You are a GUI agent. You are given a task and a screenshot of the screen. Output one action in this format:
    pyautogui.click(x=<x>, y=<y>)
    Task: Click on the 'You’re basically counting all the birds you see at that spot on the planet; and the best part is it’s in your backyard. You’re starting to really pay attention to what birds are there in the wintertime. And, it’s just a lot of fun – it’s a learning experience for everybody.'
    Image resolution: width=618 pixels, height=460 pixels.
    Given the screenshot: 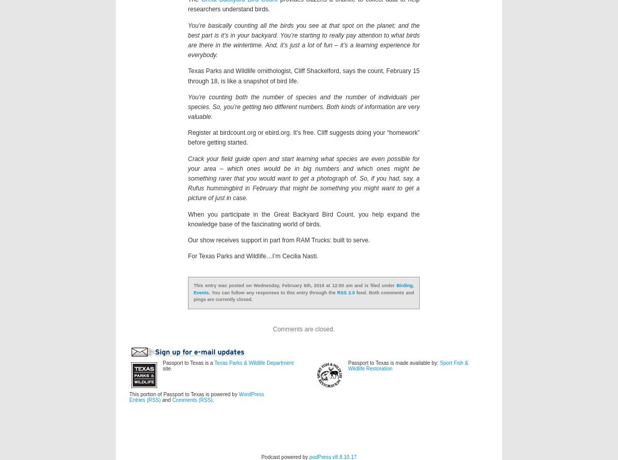 What is the action you would take?
    pyautogui.click(x=303, y=40)
    